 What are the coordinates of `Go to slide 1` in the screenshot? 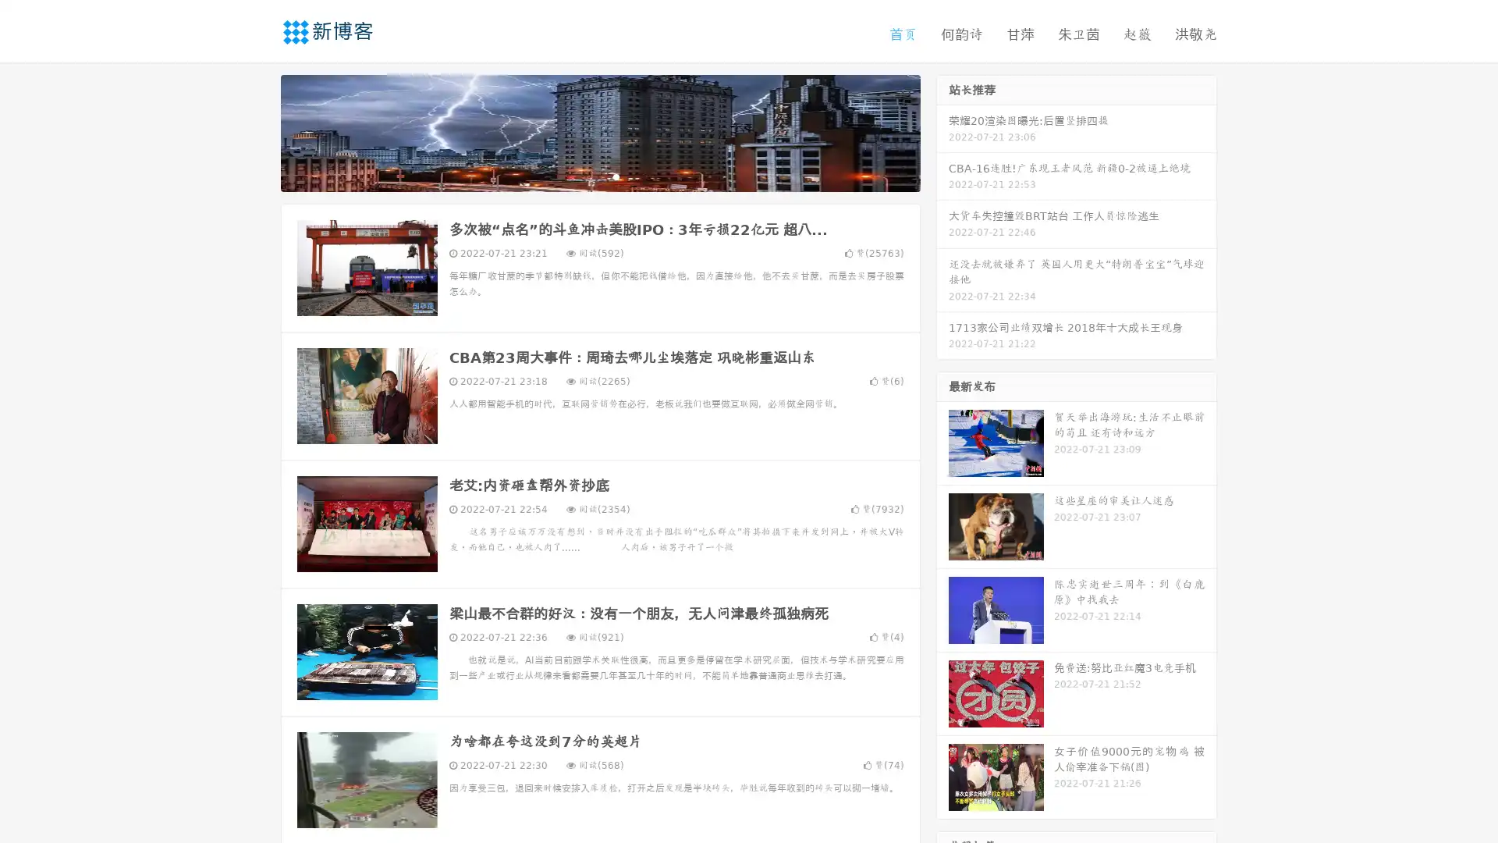 It's located at (584, 176).